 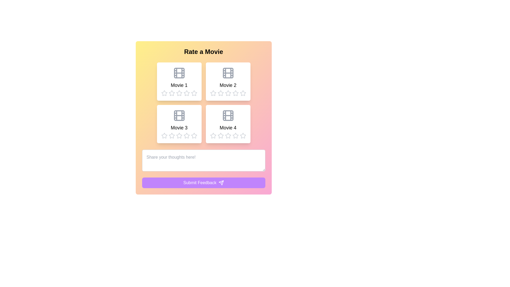 I want to click on the third star in the rating section for 'Movie 3', so click(x=194, y=135).